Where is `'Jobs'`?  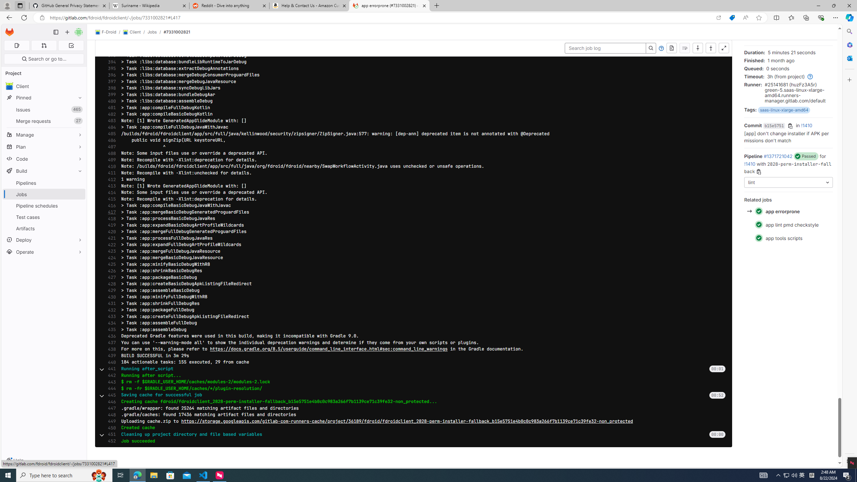 'Jobs' is located at coordinates (152, 32).